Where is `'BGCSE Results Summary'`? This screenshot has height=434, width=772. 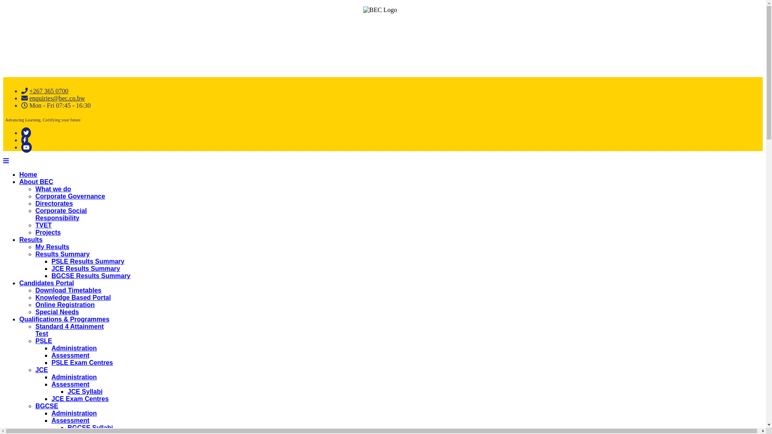
'BGCSE Results Summary' is located at coordinates (91, 275).